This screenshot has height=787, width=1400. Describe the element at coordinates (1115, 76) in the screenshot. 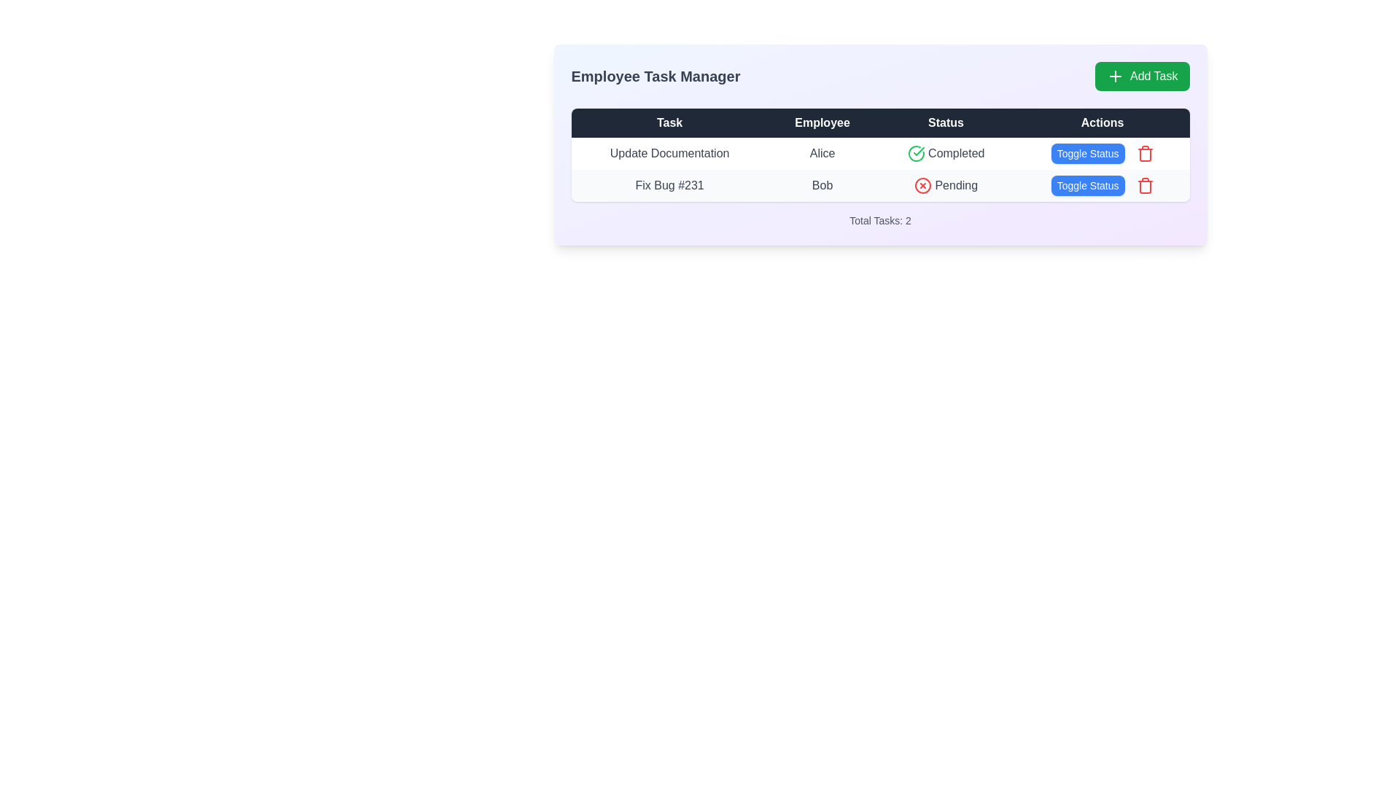

I see `the plus icon located in the top-right section of the 'Add Task' button` at that location.